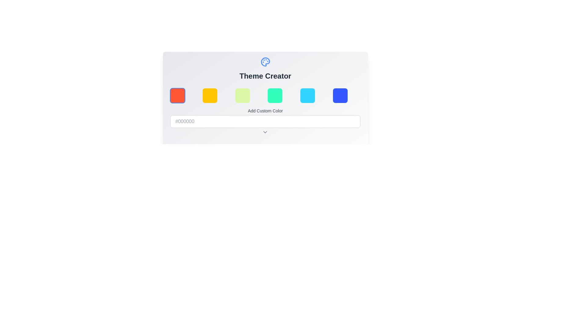 The width and height of the screenshot is (586, 329). What do you see at coordinates (265, 132) in the screenshot?
I see `the downward-pointing chevron icon located beneath the text field labeled 'Add Custom Color'` at bounding box center [265, 132].